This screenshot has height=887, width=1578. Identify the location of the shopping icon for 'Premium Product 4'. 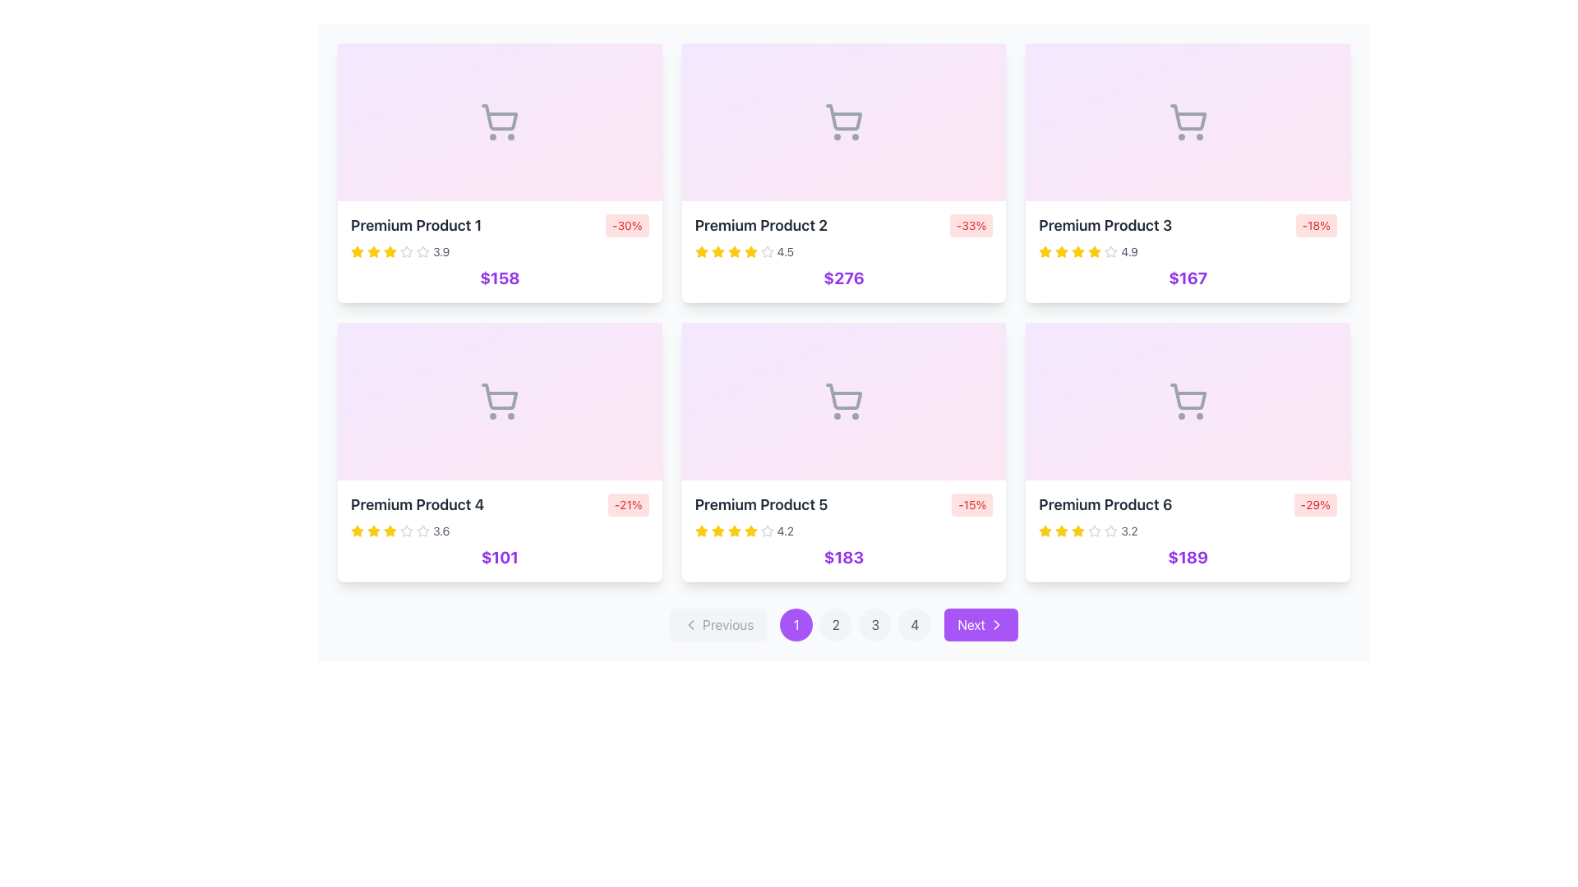
(499, 397).